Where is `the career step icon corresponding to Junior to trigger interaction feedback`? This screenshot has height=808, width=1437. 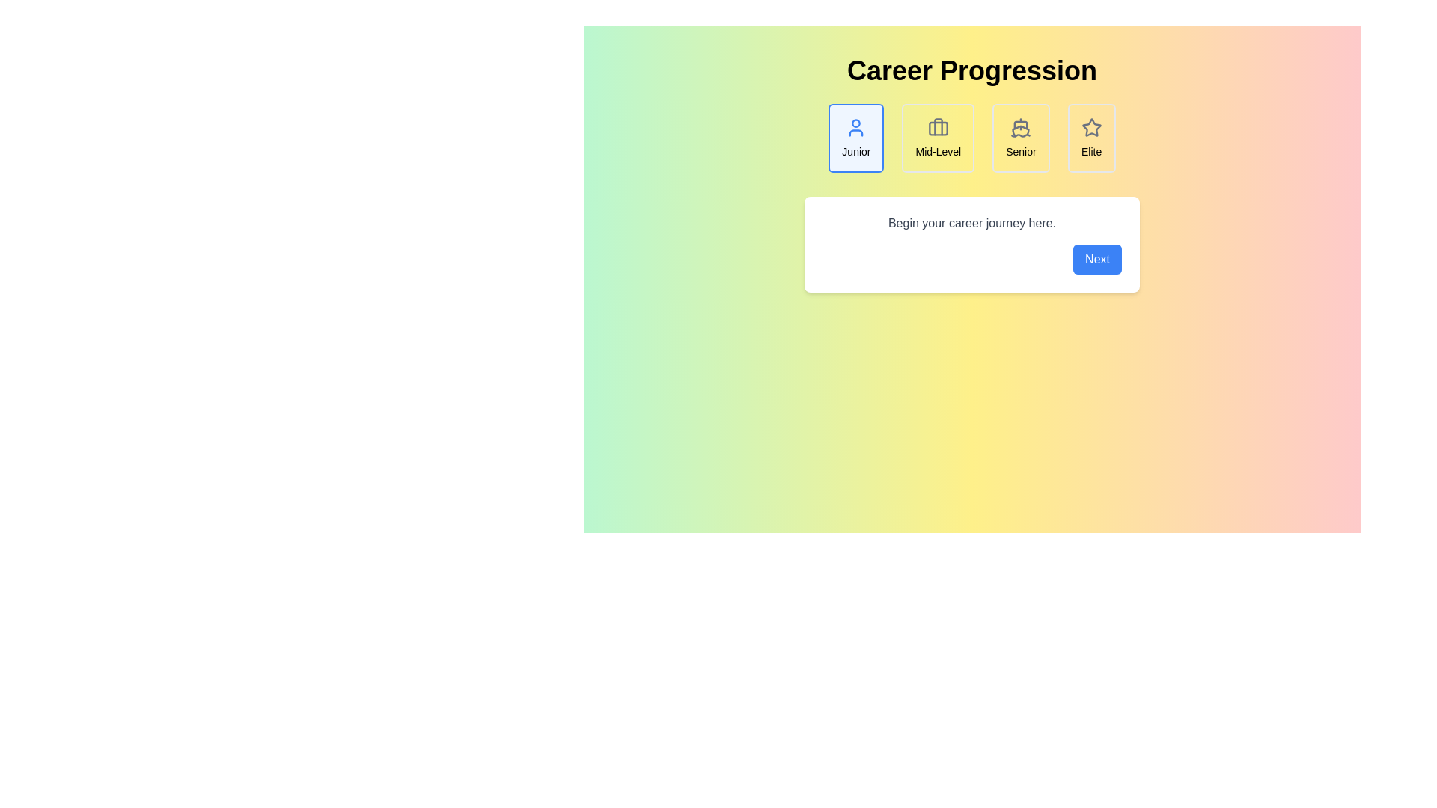
the career step icon corresponding to Junior to trigger interaction feedback is located at coordinates (856, 138).